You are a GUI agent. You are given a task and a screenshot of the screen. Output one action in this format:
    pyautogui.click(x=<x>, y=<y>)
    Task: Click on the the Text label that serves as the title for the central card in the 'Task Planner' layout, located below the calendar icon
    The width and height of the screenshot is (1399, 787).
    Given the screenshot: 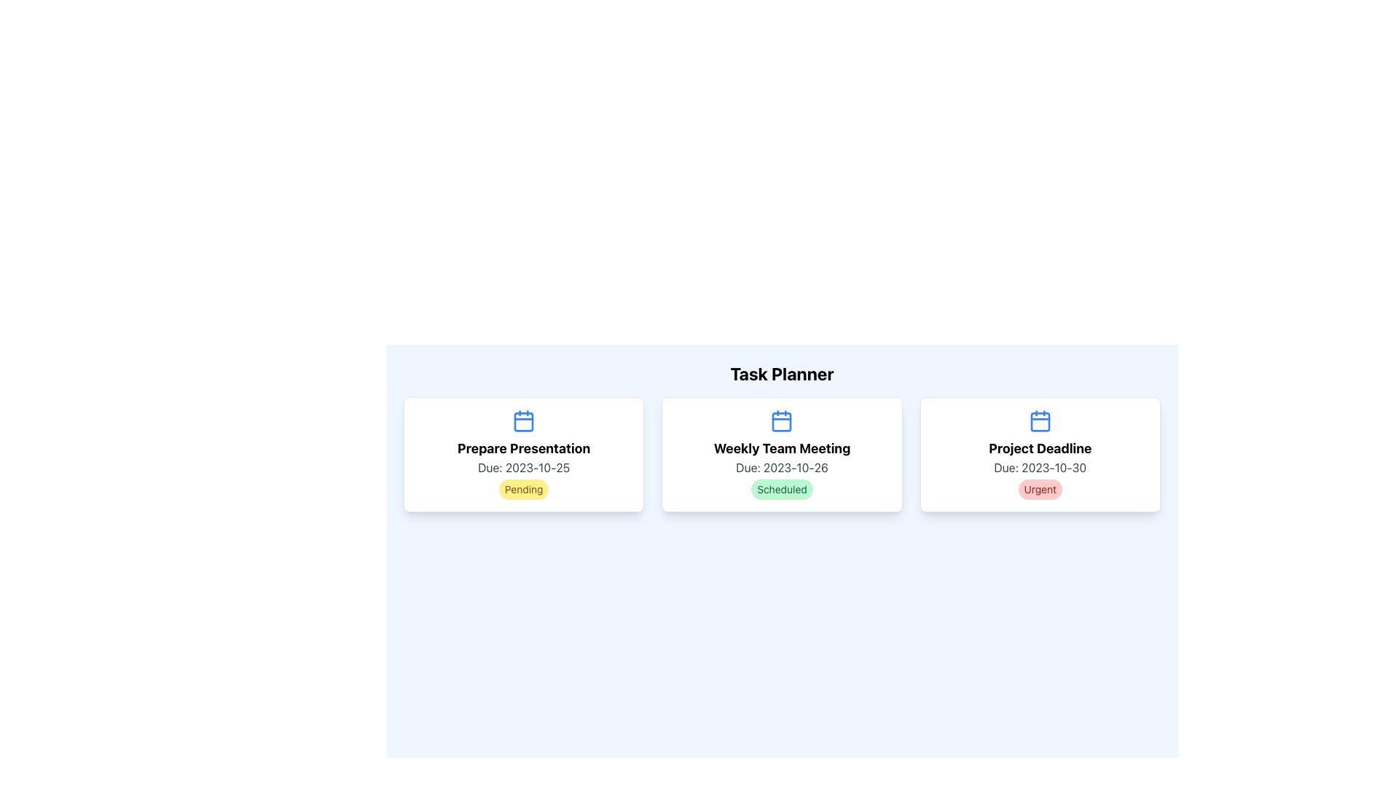 What is the action you would take?
    pyautogui.click(x=781, y=448)
    